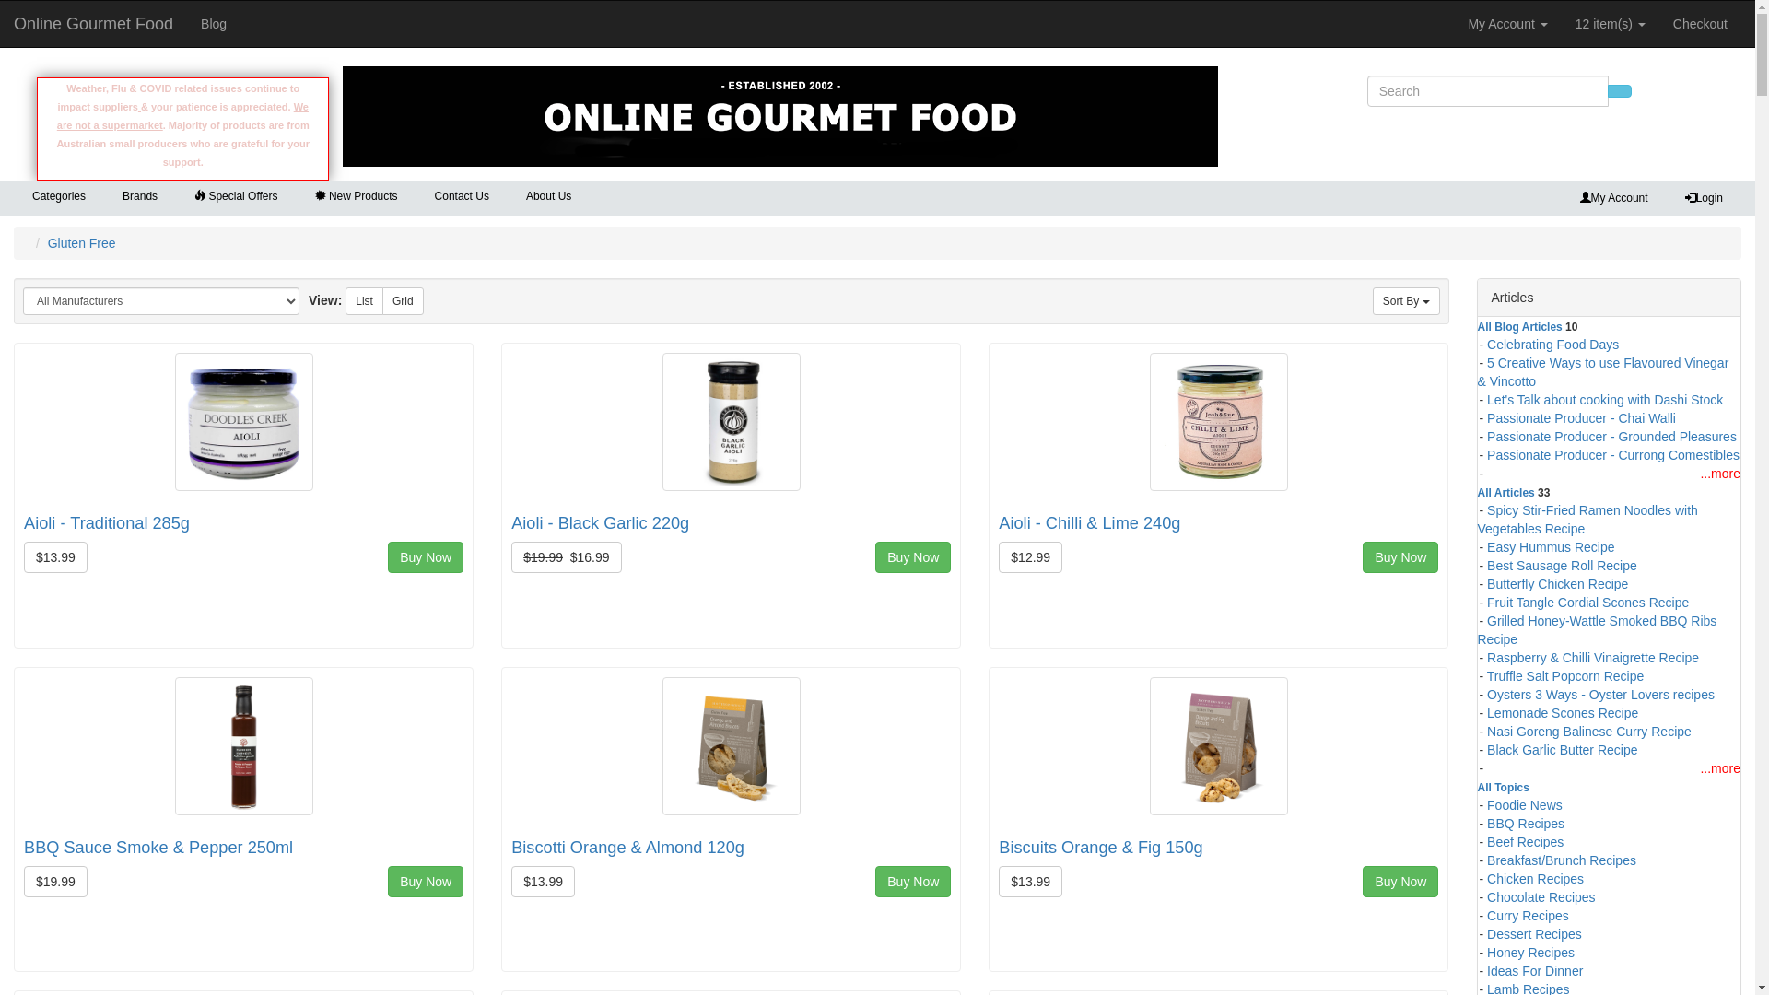  What do you see at coordinates (1477, 518) in the screenshot?
I see `'Spicy Stir-Fried Ramen Noodles with Vegetables Recipe'` at bounding box center [1477, 518].